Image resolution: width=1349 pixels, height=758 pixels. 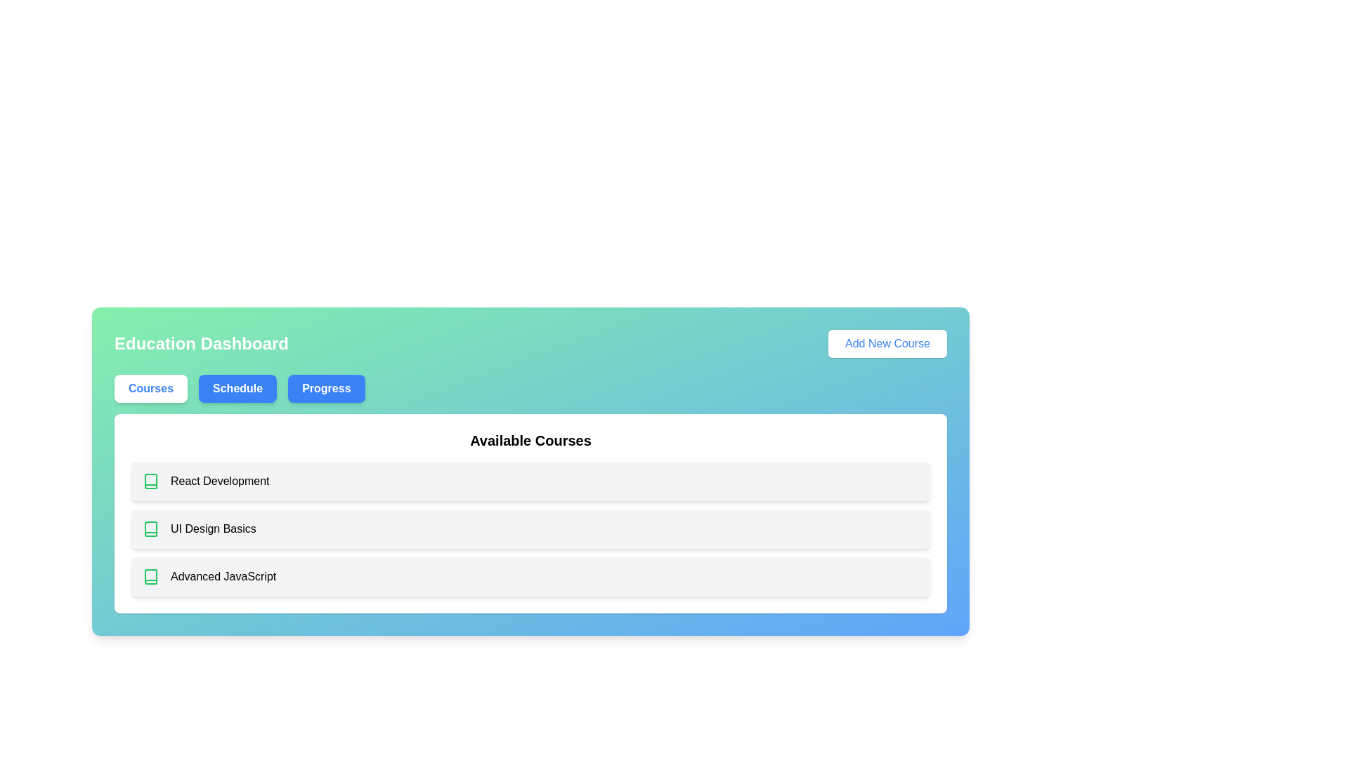 I want to click on the text label displaying 'React Development' which is located to the right of a green book icon within a light gray card background, so click(x=219, y=481).